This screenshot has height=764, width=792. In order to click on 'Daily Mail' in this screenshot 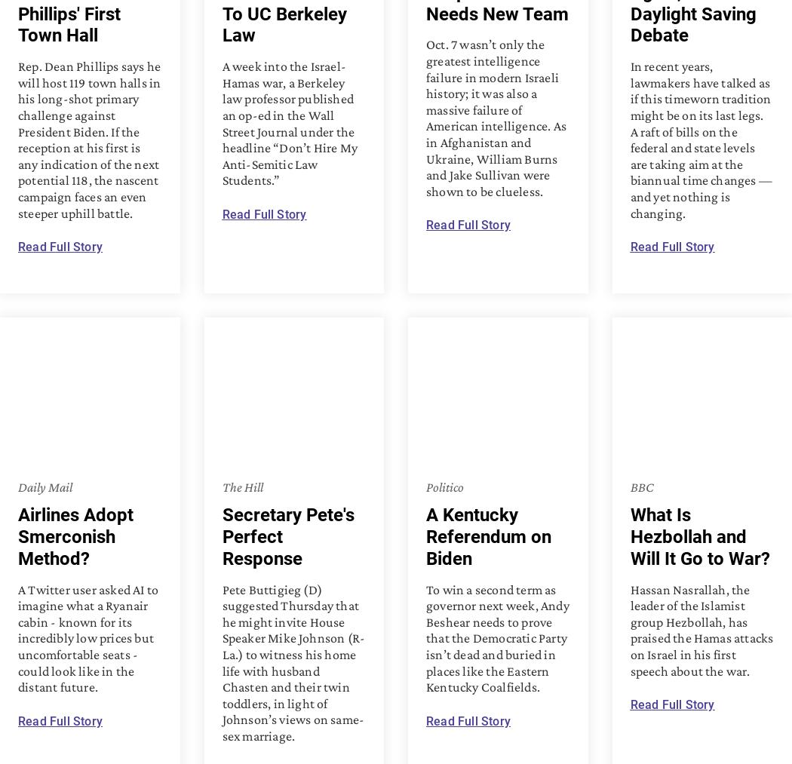, I will do `click(44, 485)`.